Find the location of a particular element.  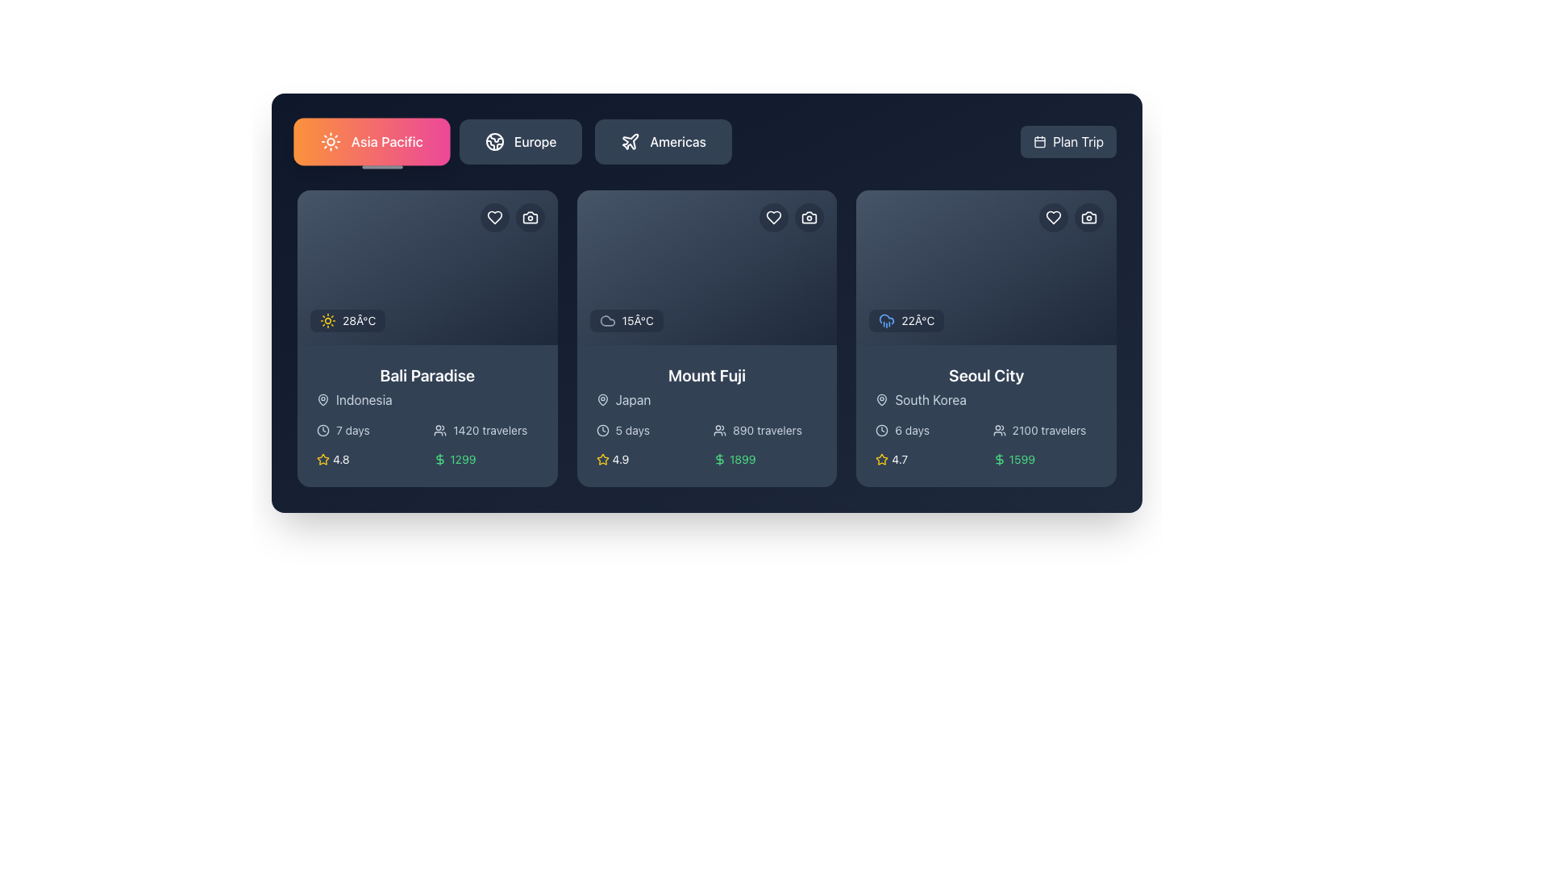

the text label displaying the rating value for the item located at the bottom left corner of the second card from the left, next to a yellow star icon is located at coordinates (619, 460).